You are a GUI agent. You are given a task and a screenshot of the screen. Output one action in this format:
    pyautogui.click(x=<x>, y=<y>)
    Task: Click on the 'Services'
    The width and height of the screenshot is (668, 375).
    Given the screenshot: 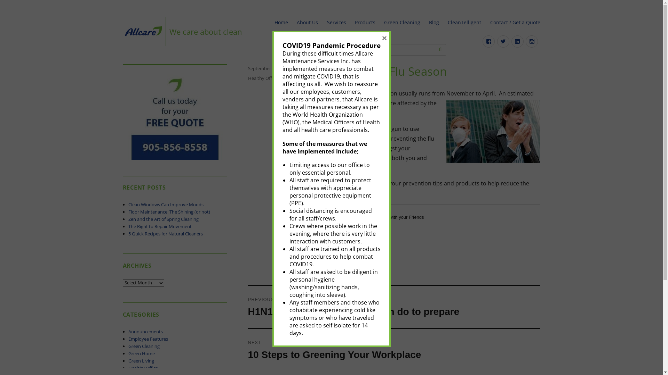 What is the action you would take?
    pyautogui.click(x=322, y=22)
    